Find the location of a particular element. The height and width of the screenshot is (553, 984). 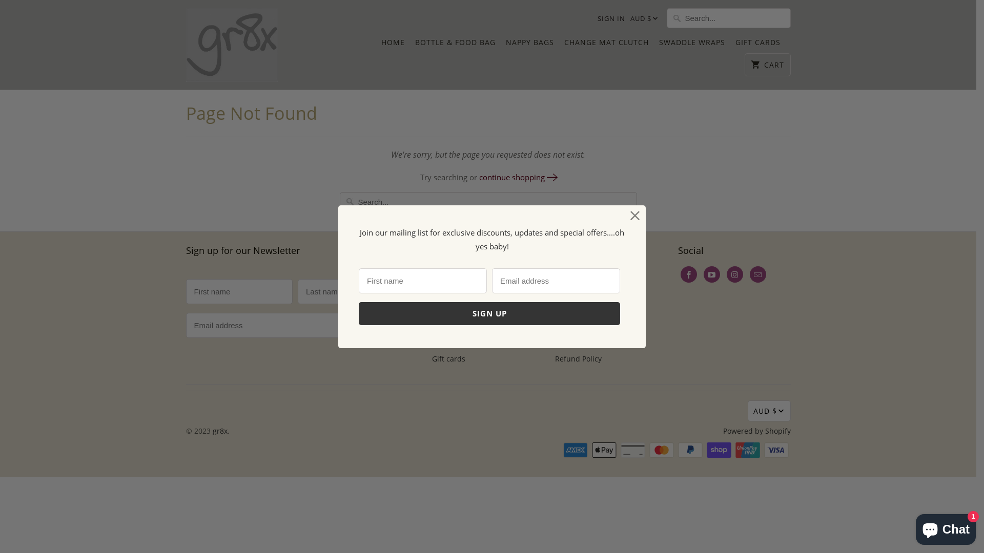

'Close' is located at coordinates (634, 215).